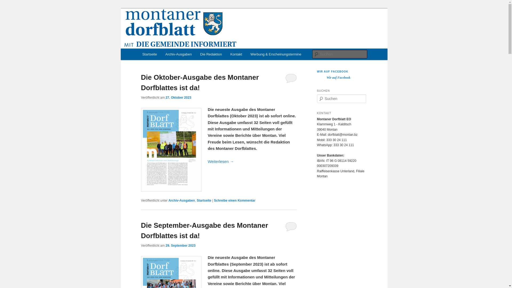 This screenshot has height=288, width=512. What do you see at coordinates (180, 246) in the screenshot?
I see `'29. September 2023'` at bounding box center [180, 246].